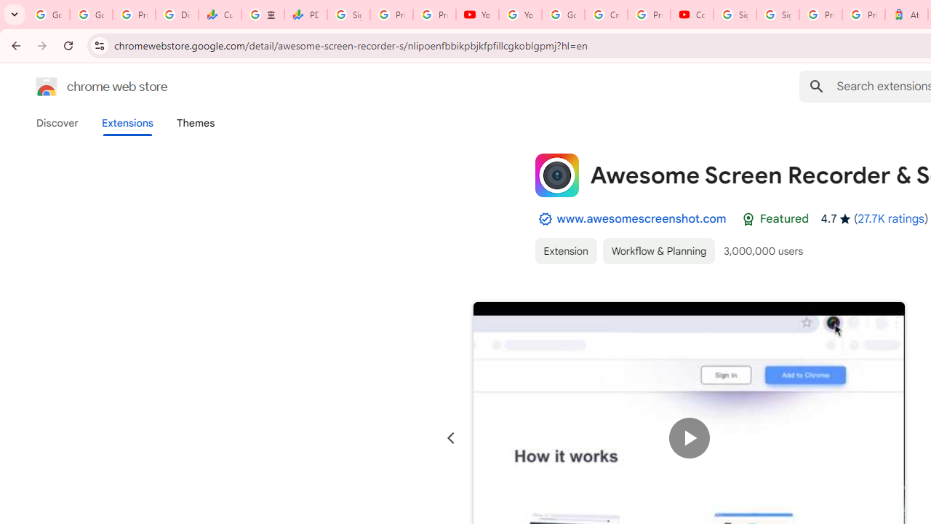 This screenshot has height=524, width=931. I want to click on 'Create your Google Account', so click(606, 15).